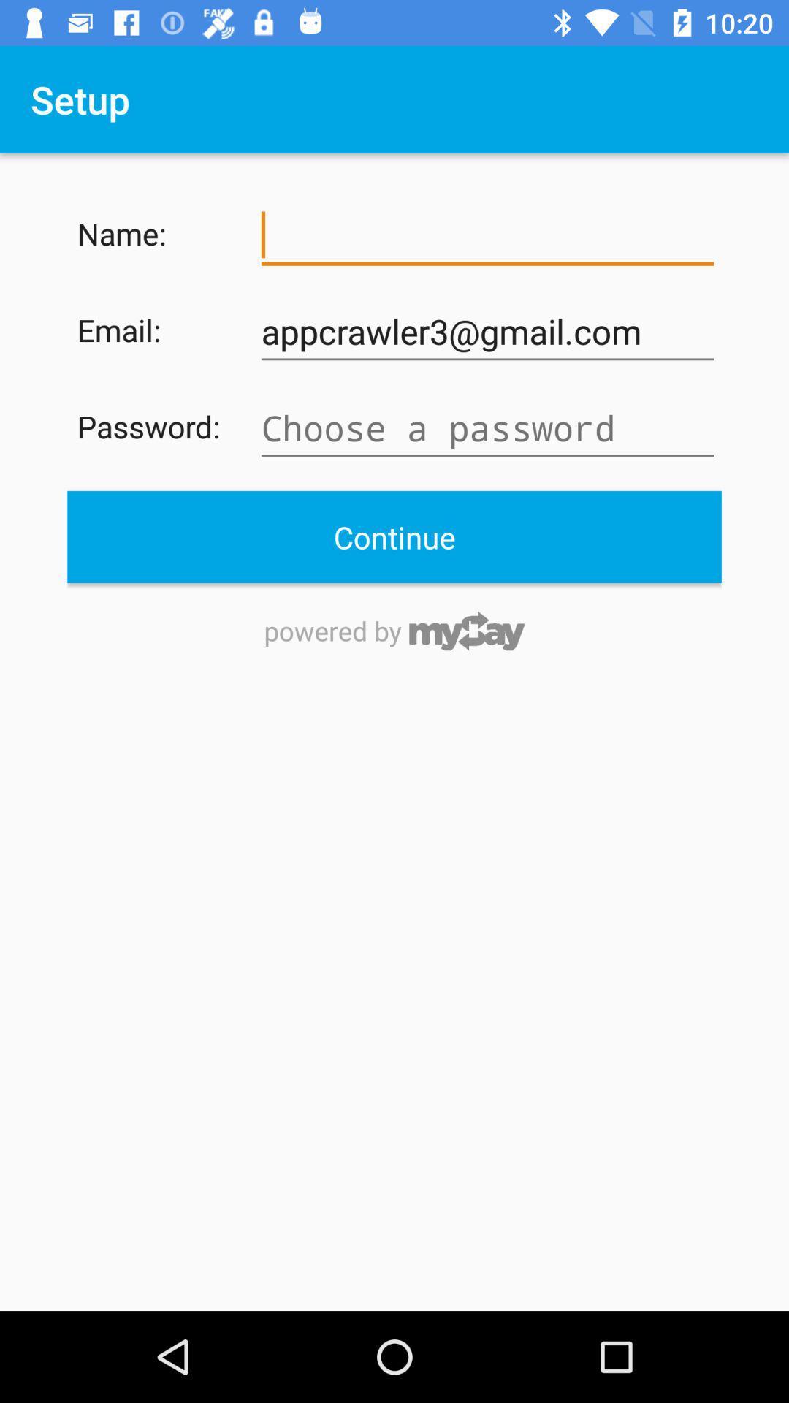  Describe the element at coordinates (487, 235) in the screenshot. I see `name field` at that location.